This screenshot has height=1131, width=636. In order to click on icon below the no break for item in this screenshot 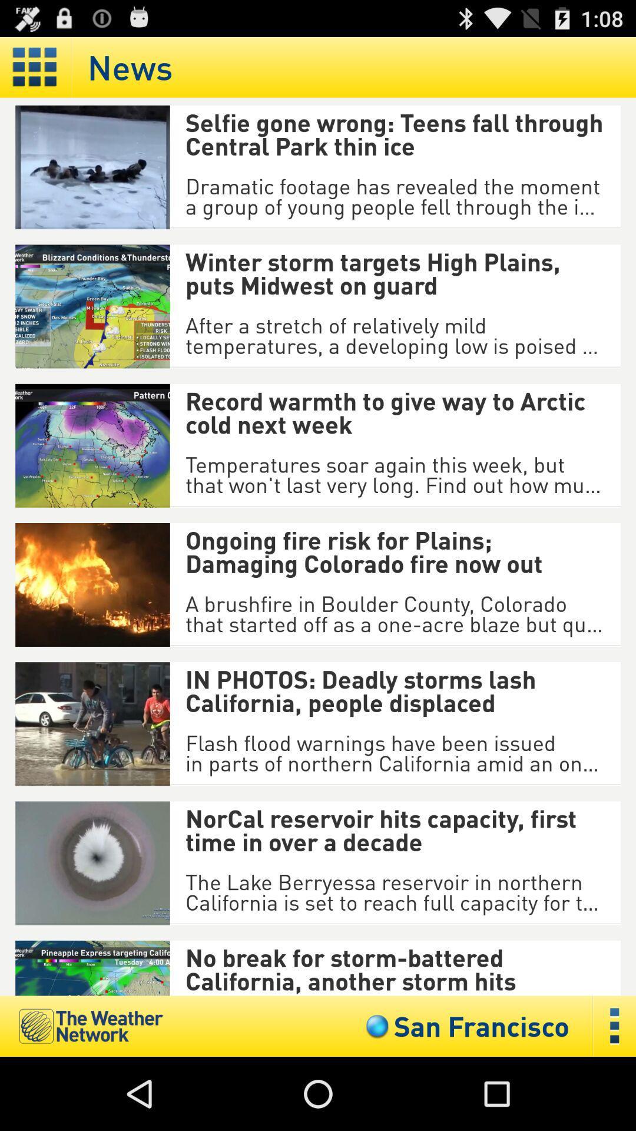, I will do `click(464, 1026)`.